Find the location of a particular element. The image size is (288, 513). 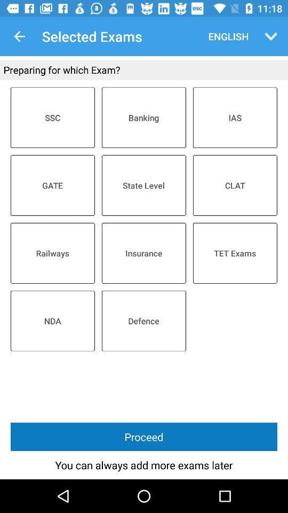

app next to the selected exams item is located at coordinates (19, 36).